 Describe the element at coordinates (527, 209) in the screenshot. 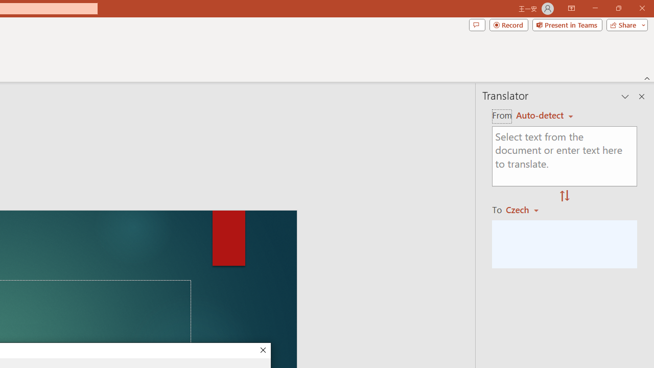

I see `'Czech'` at that location.